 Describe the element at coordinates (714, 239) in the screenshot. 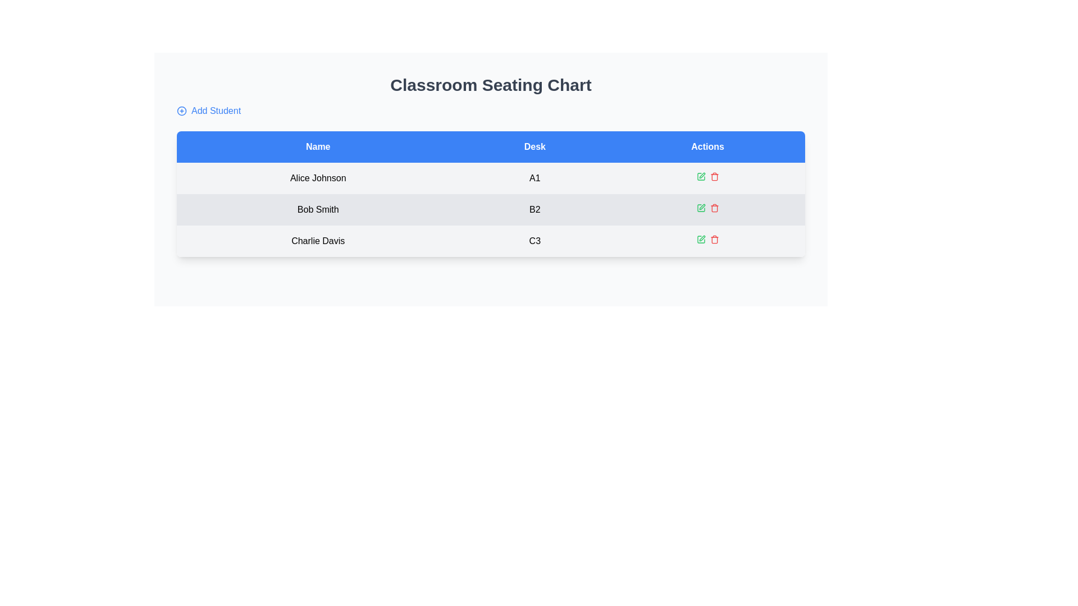

I see `the trash can icon` at that location.